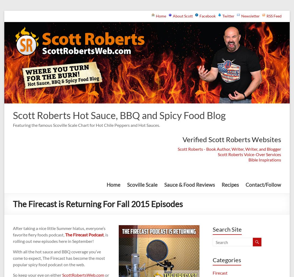  I want to click on 'Facebook', so click(207, 16).